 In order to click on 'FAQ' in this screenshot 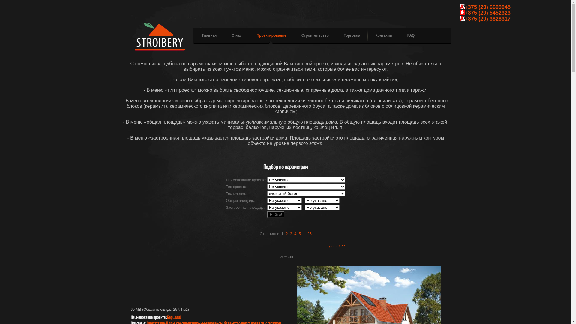, I will do `click(407, 35)`.